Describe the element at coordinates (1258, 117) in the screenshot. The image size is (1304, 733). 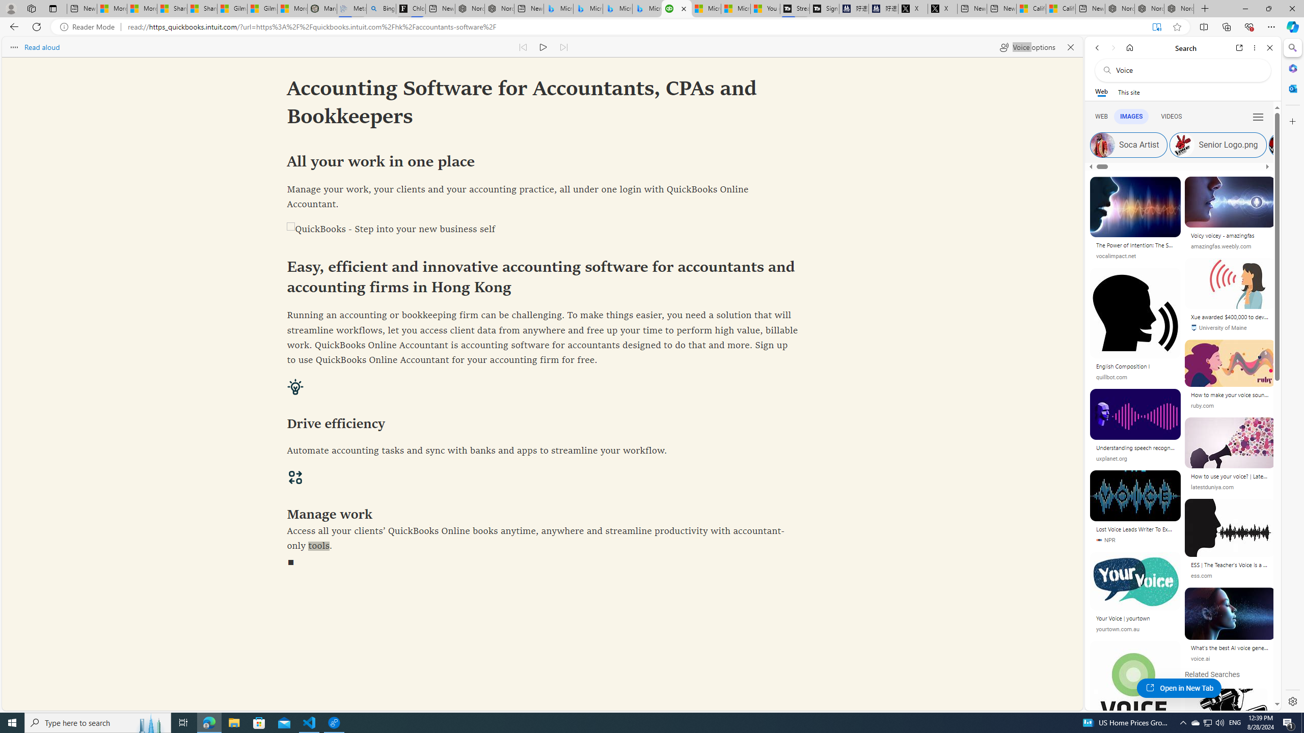
I see `'Class: b_serphb'` at that location.